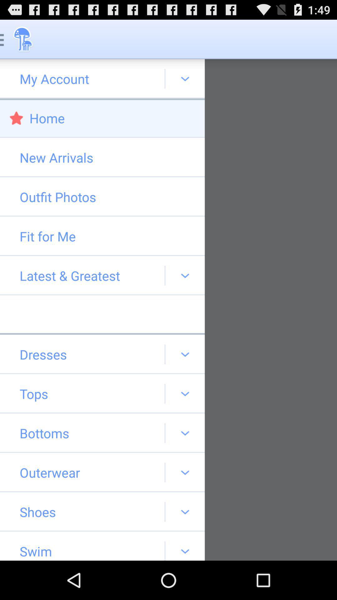 The image size is (337, 600). What do you see at coordinates (185, 512) in the screenshot?
I see `the drop down arrow next to shoes` at bounding box center [185, 512].